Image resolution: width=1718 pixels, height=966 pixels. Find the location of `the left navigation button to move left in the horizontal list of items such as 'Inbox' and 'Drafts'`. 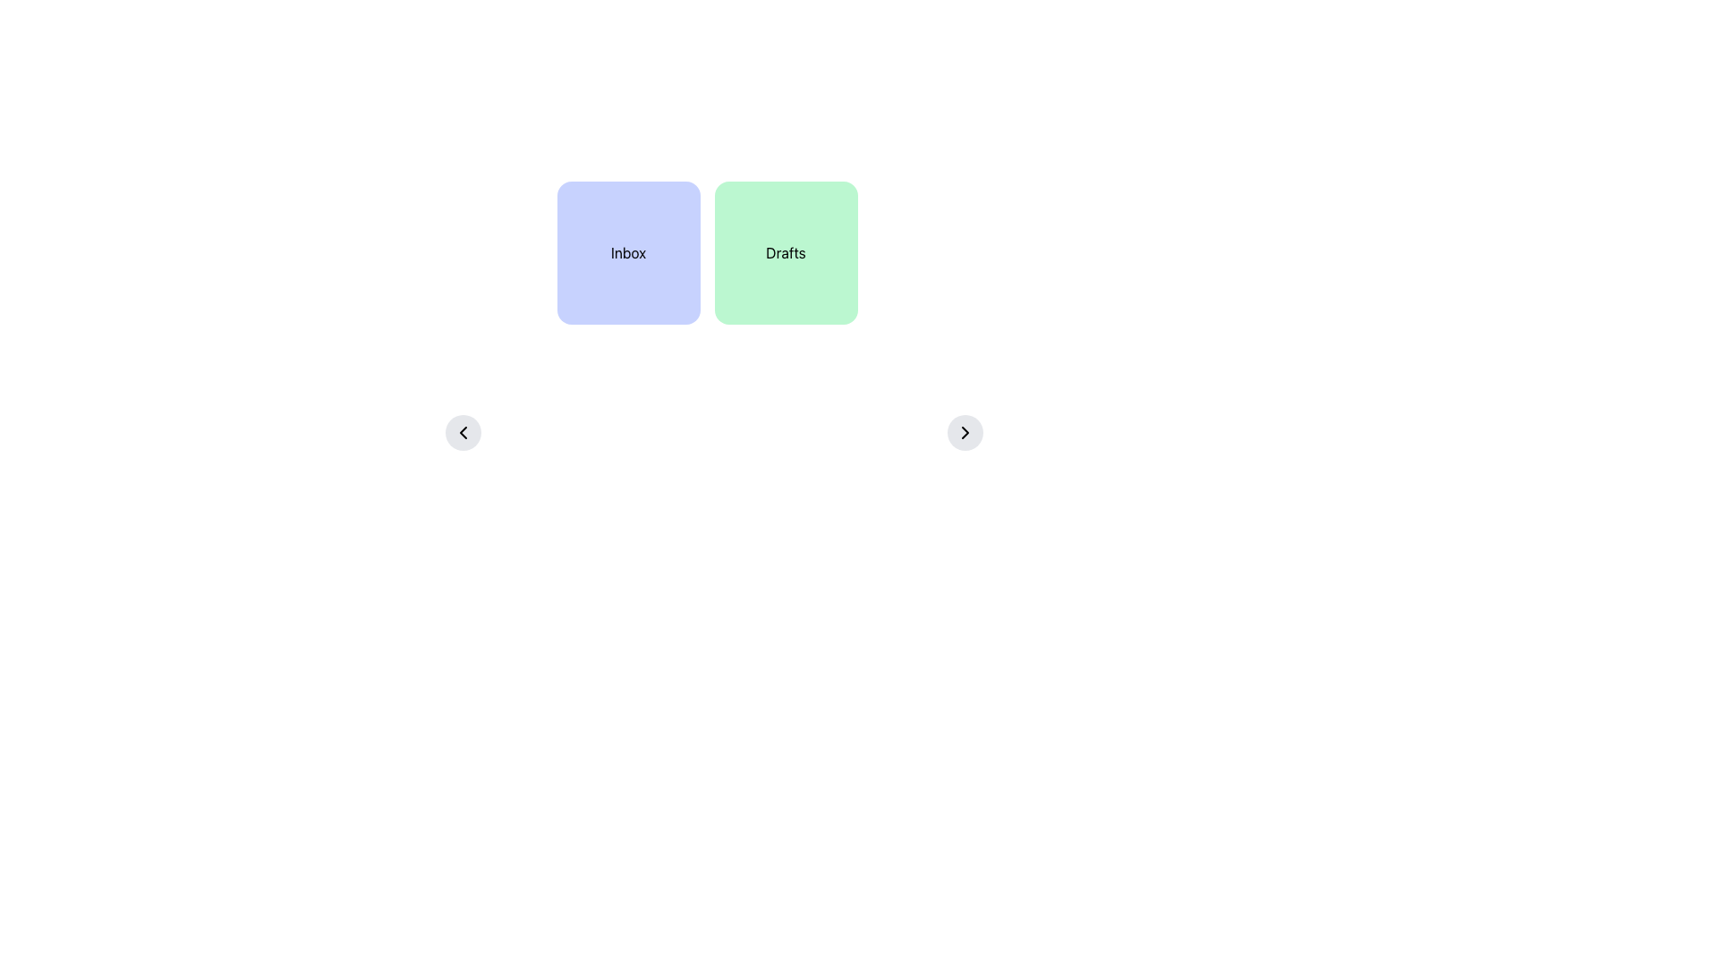

the left navigation button to move left in the horizontal list of items such as 'Inbox' and 'Drafts' is located at coordinates (464, 432).